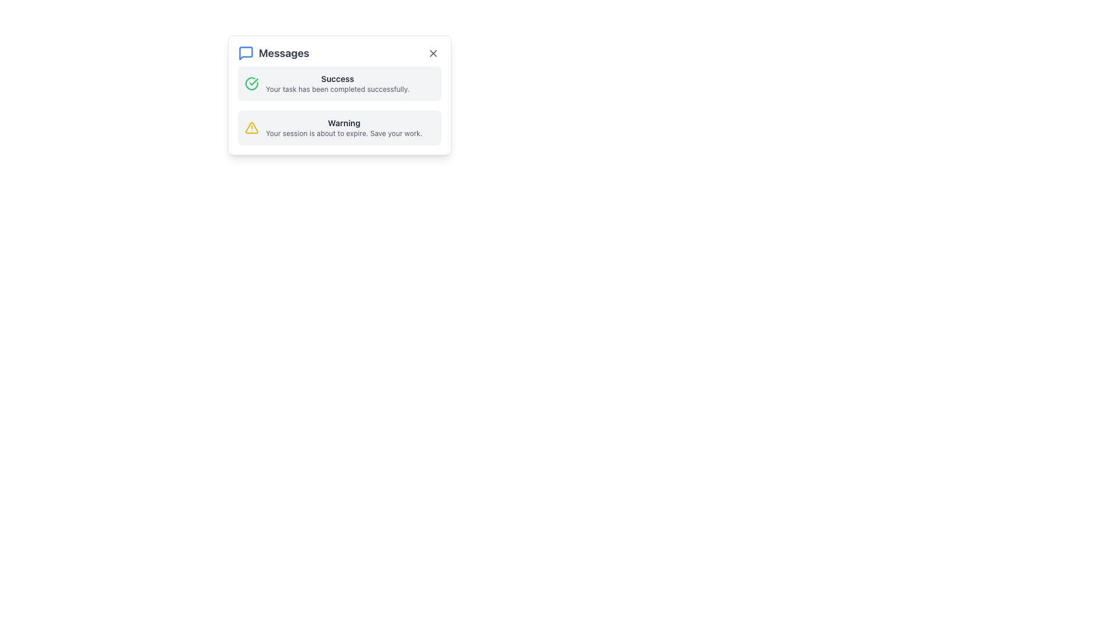  Describe the element at coordinates (432, 53) in the screenshot. I see `the Close button icon located in the top-right corner of the 'Messages' notification card` at that location.